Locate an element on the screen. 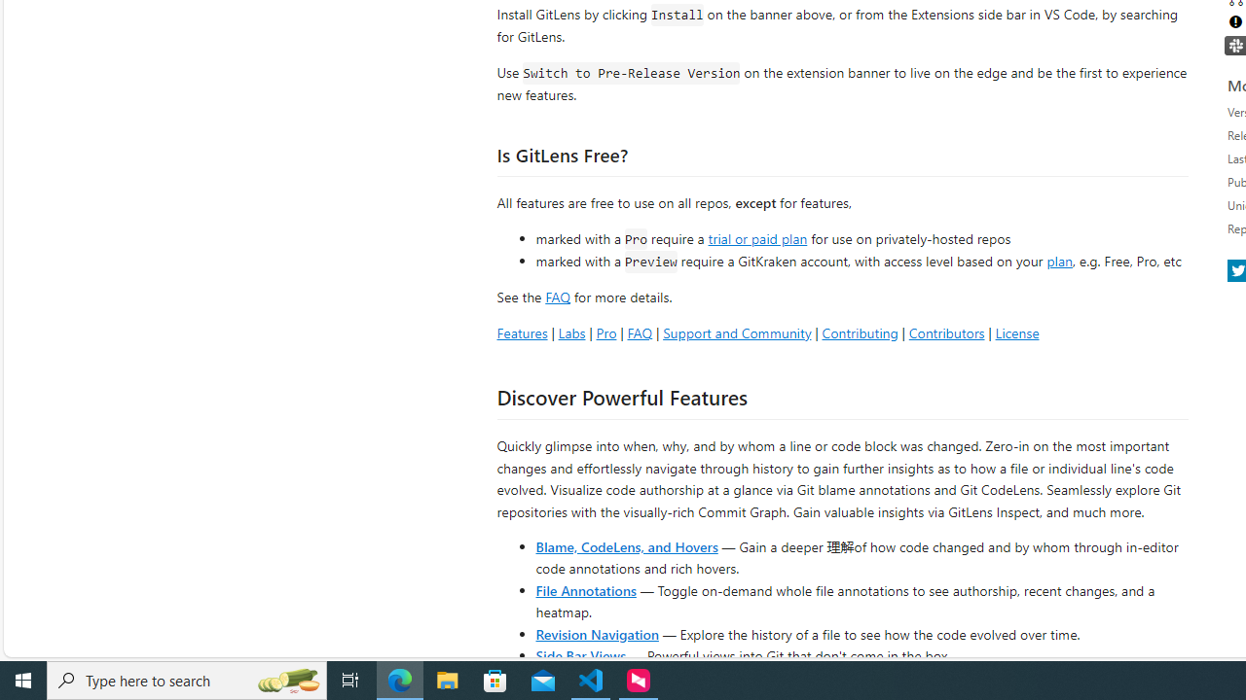 This screenshot has width=1246, height=700. 'Contributing' is located at coordinates (859, 332).